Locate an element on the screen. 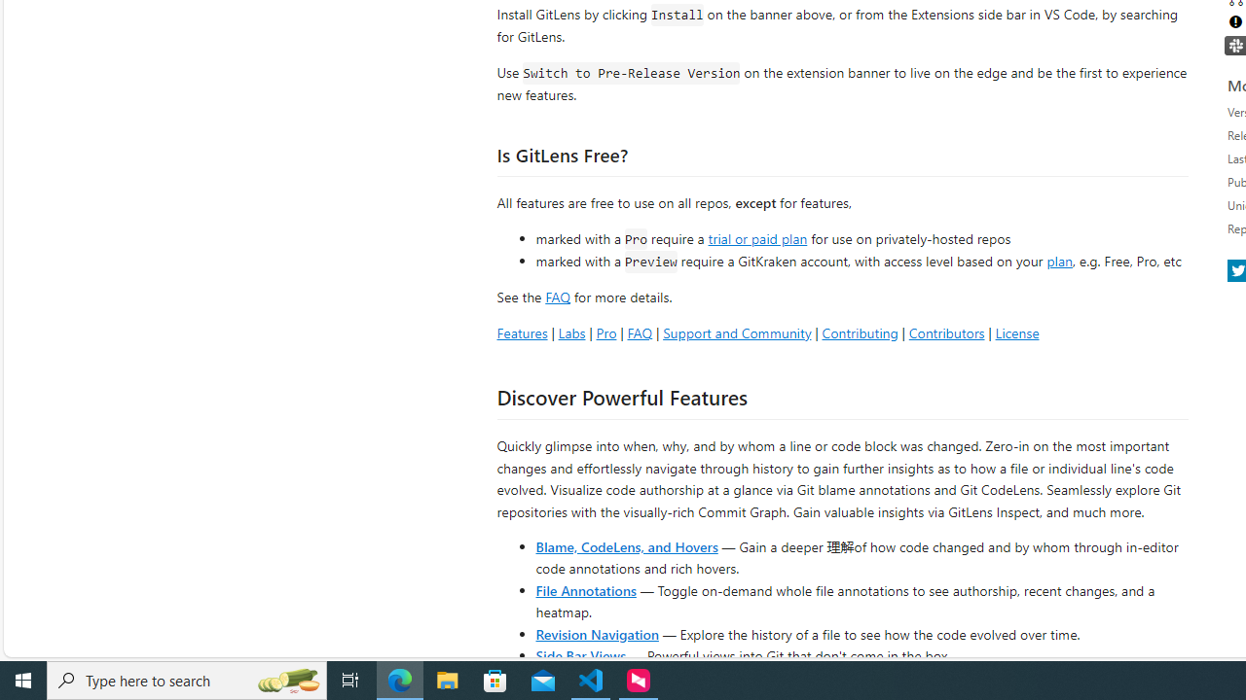 This screenshot has width=1246, height=700. 'Contributing' is located at coordinates (859, 332).